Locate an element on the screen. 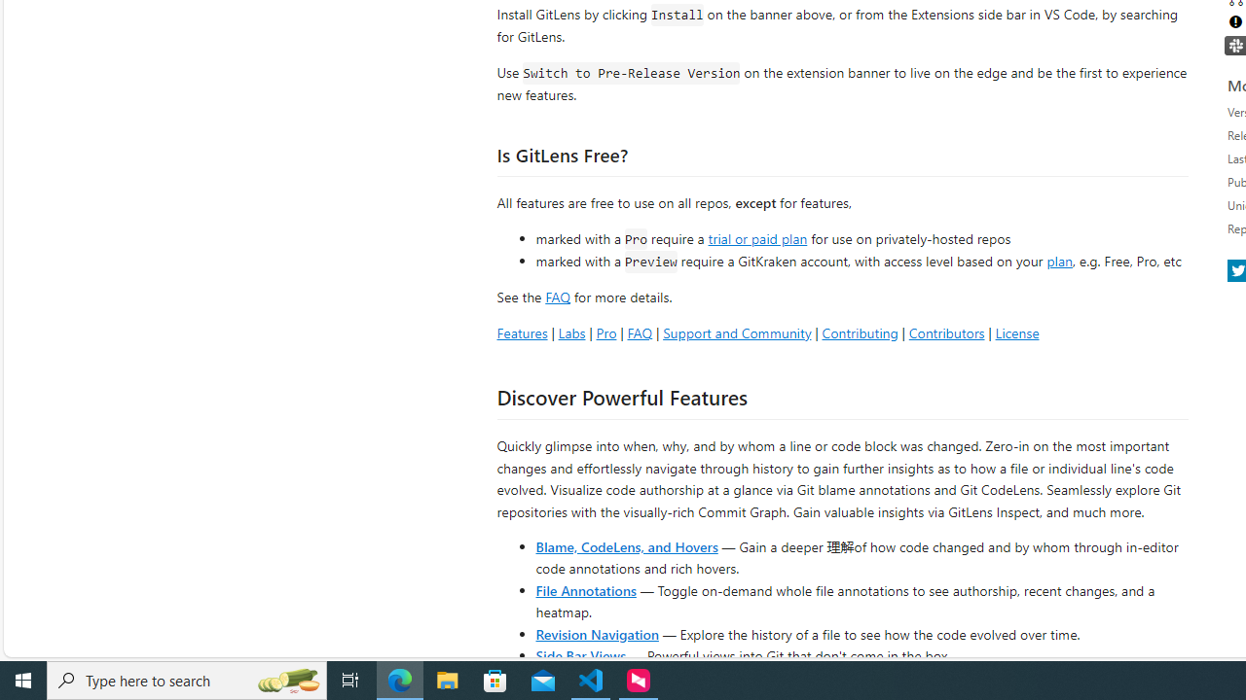 This screenshot has width=1246, height=700. 'Contributing' is located at coordinates (859, 332).